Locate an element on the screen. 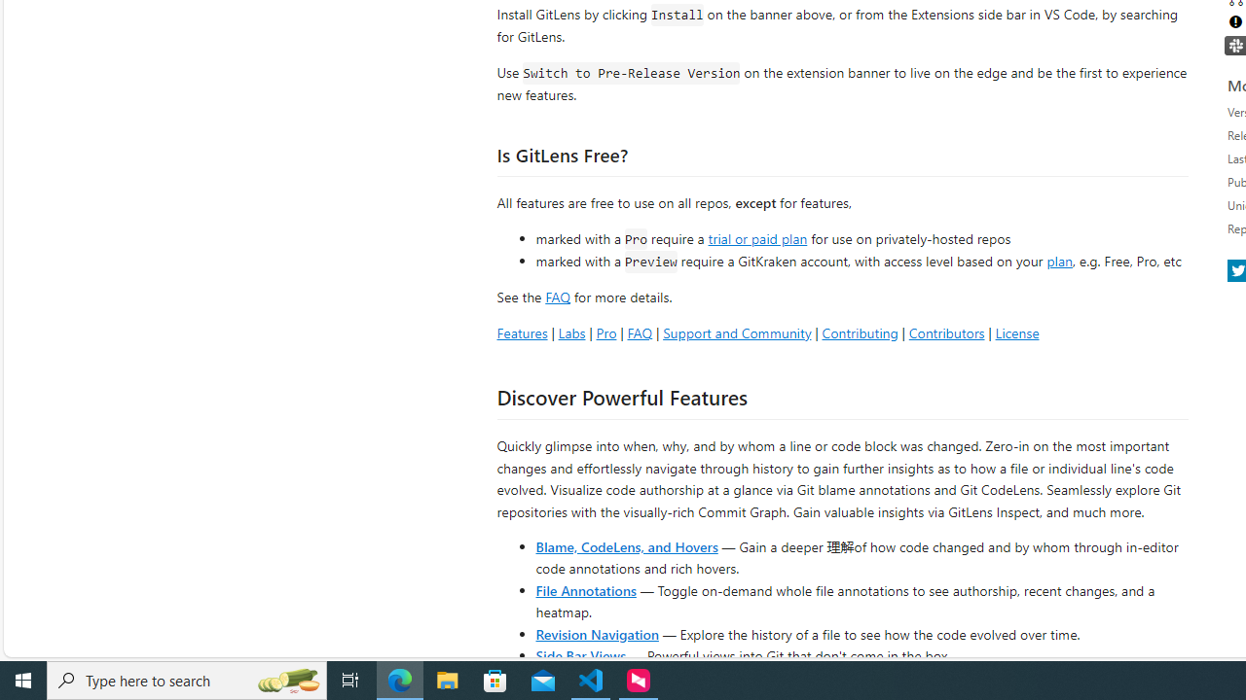 This screenshot has width=1246, height=700. 'Contributing' is located at coordinates (859, 332).